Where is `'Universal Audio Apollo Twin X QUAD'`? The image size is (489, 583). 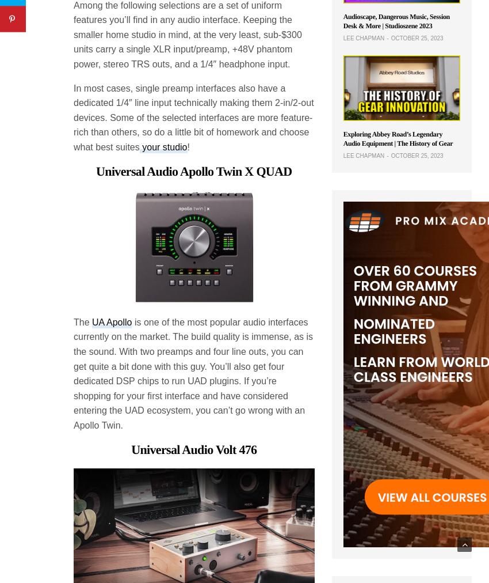 'Universal Audio Apollo Twin X QUAD' is located at coordinates (194, 170).